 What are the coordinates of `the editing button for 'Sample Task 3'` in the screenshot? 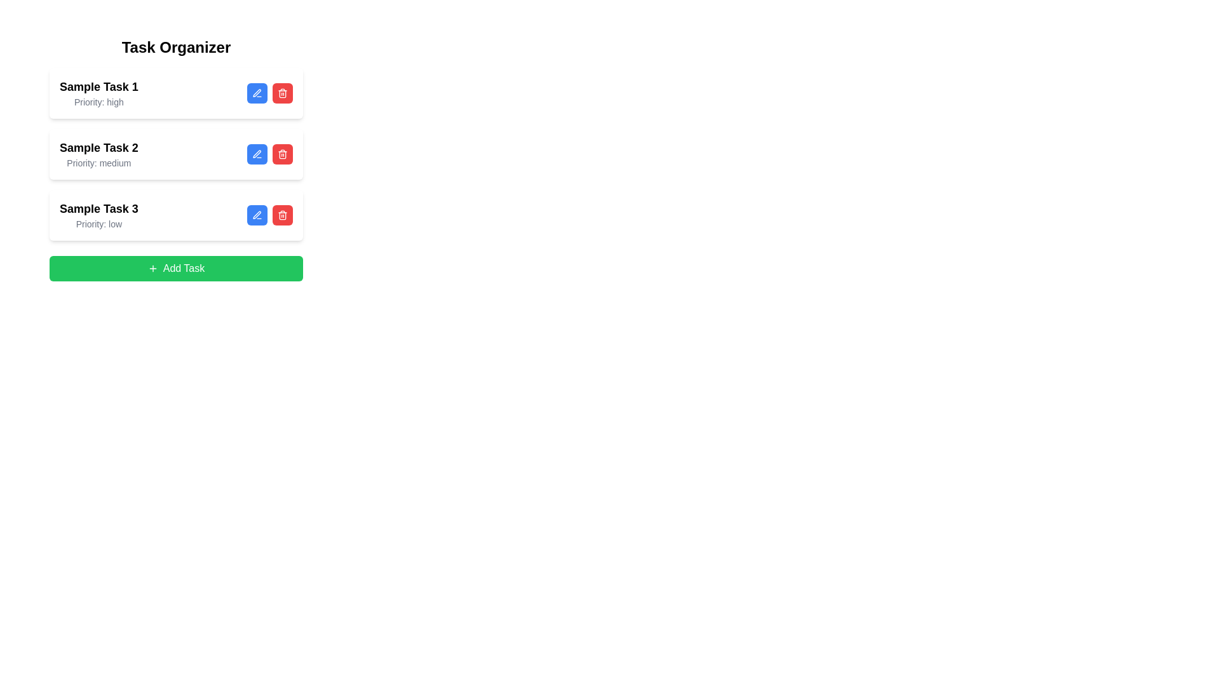 It's located at (256, 215).